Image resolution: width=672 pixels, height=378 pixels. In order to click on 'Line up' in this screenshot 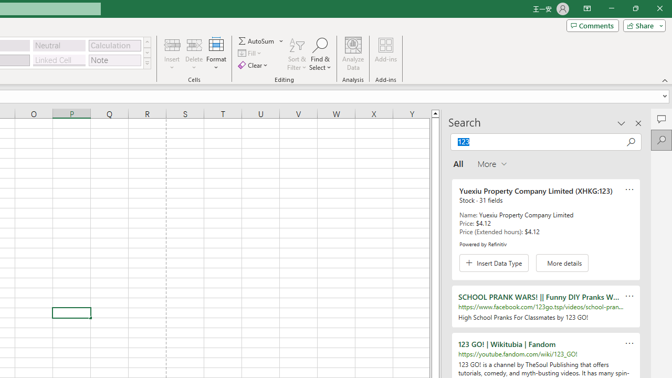, I will do `click(435, 113)`.